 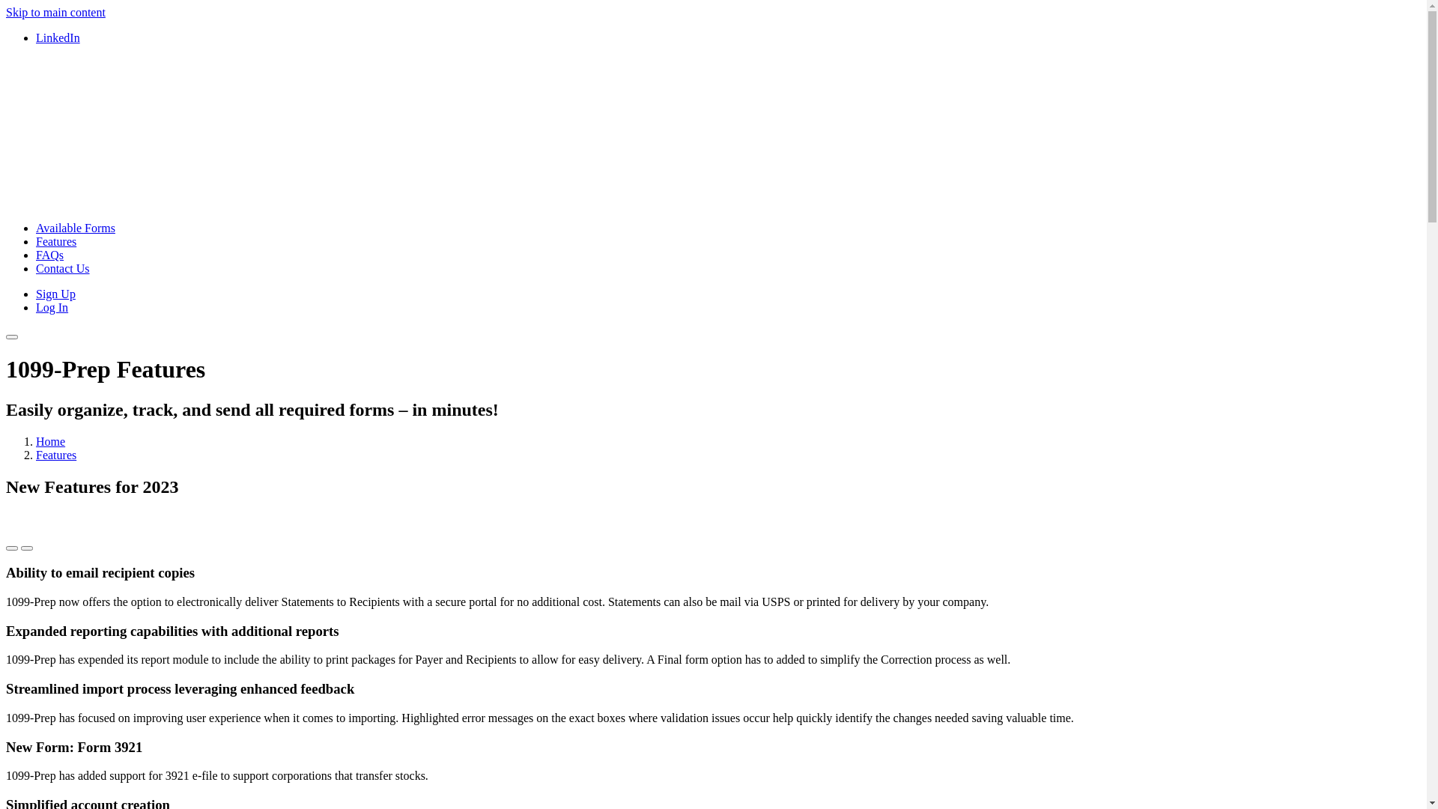 I want to click on 'Available Forms', so click(x=74, y=228).